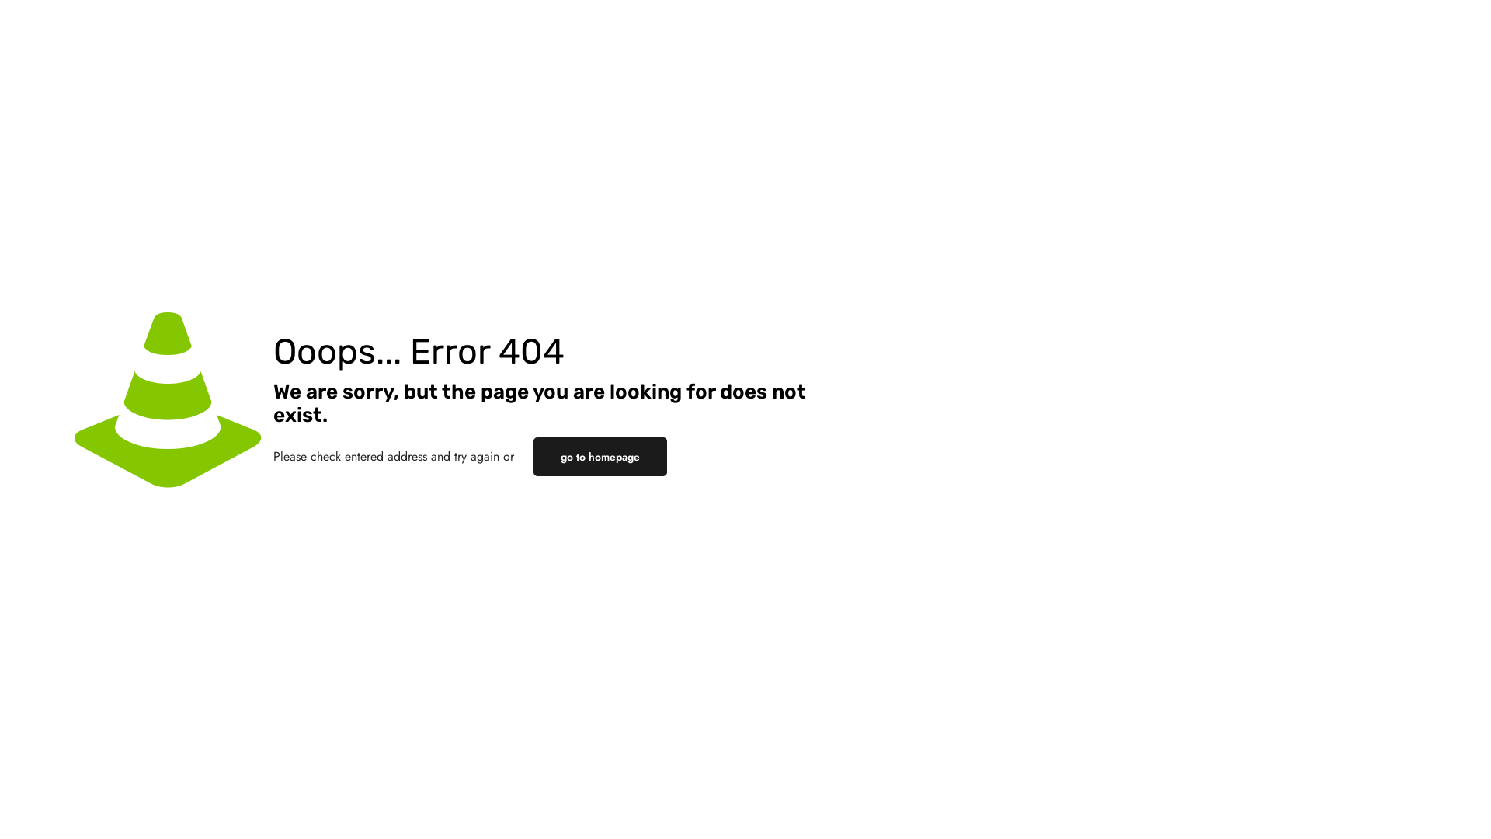  What do you see at coordinates (599, 455) in the screenshot?
I see `'go to homepage'` at bounding box center [599, 455].